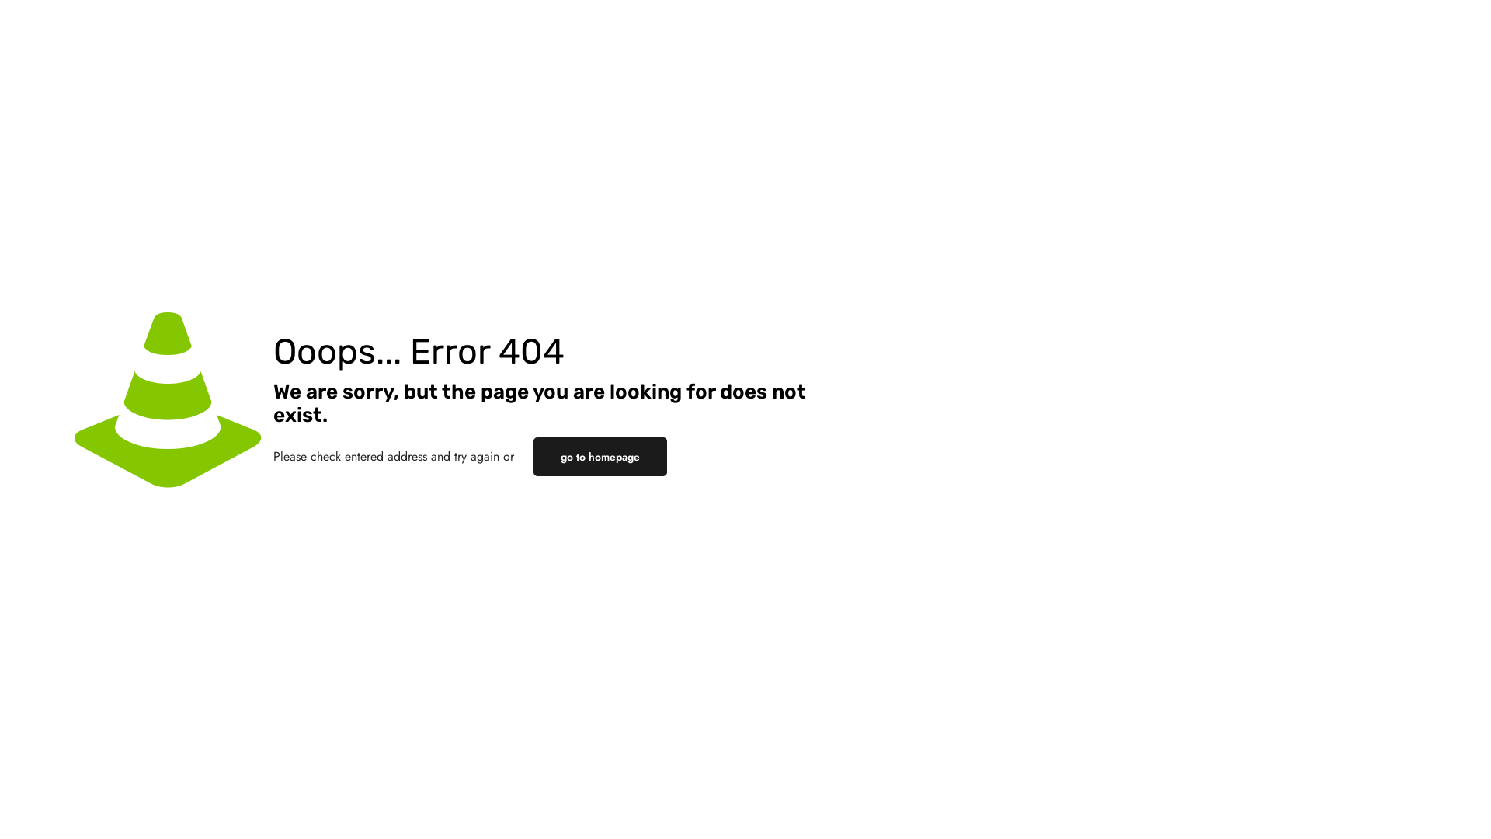  What do you see at coordinates (599, 455) in the screenshot?
I see `'go to homepage'` at bounding box center [599, 455].